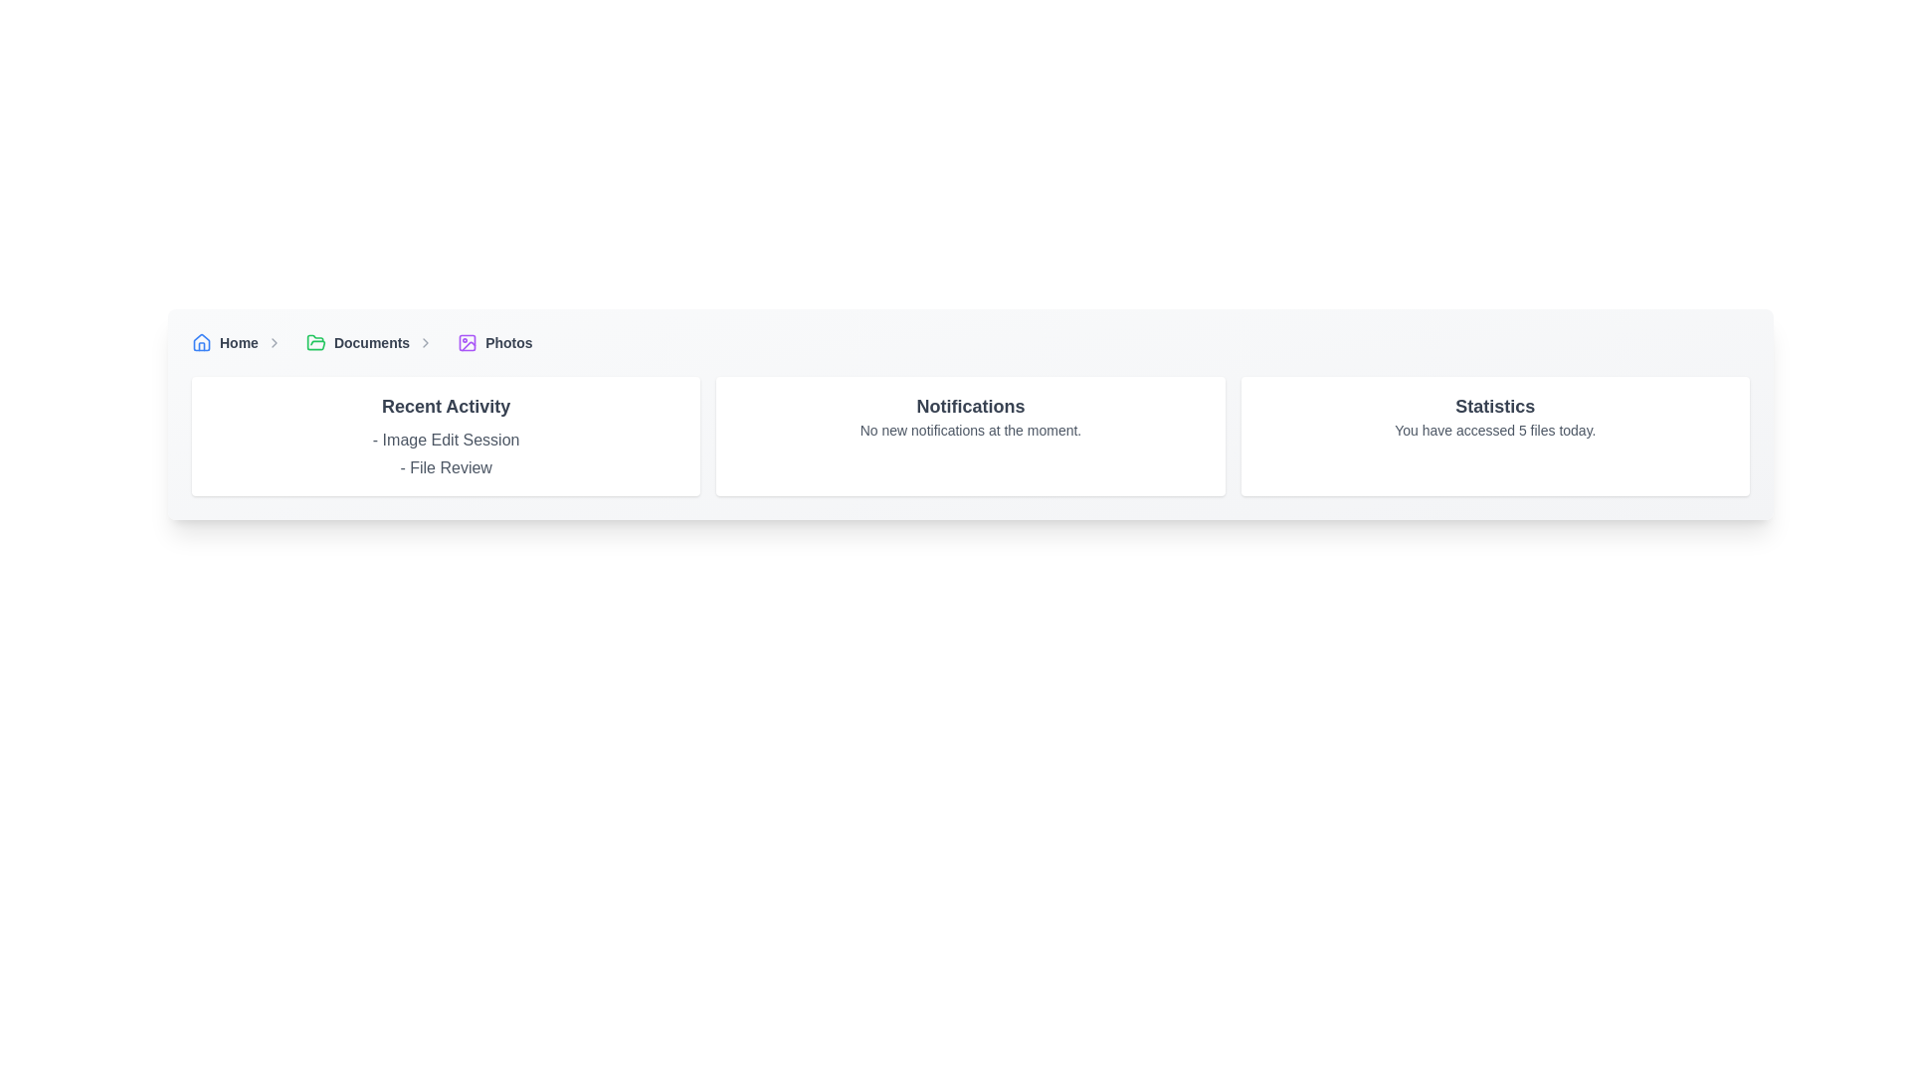  Describe the element at coordinates (445, 467) in the screenshot. I see `the text label displaying '- File Review' located in the 'Recent Activity' section, positioned beneath '- Image Edit Session'` at that location.